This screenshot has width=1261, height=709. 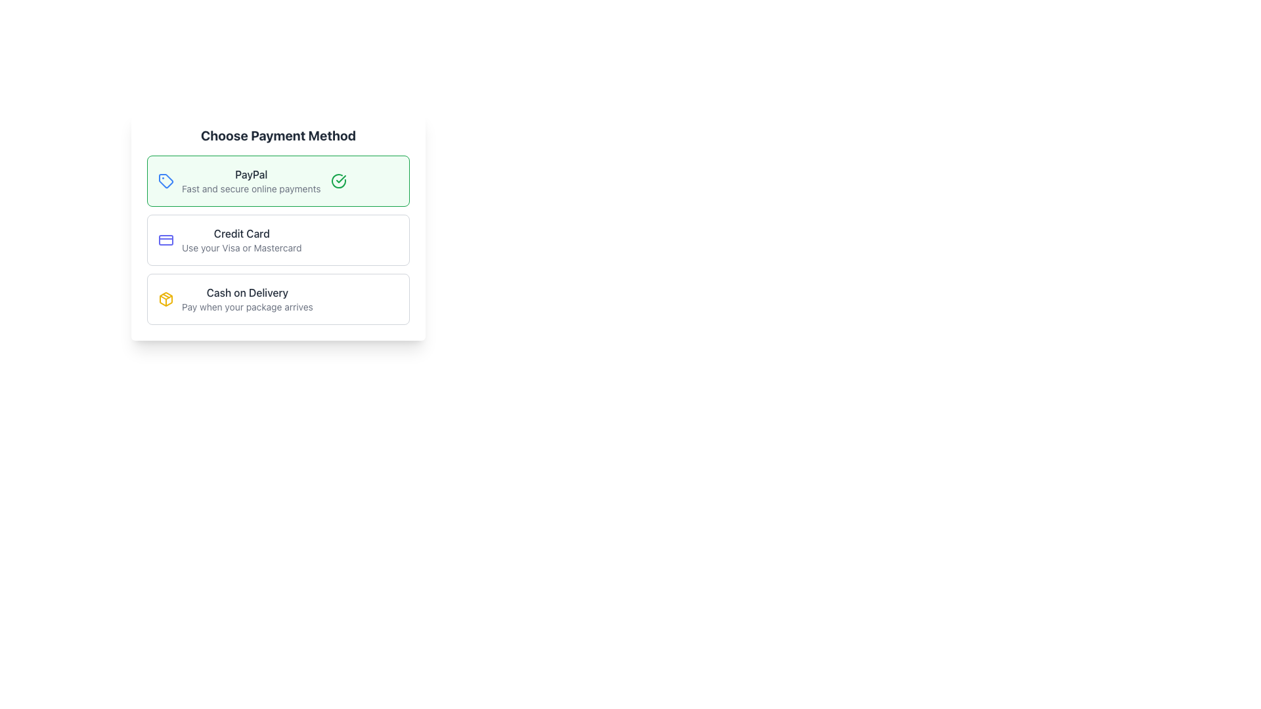 What do you see at coordinates (235, 299) in the screenshot?
I see `the 'Cash on Delivery' selectable option with a yellow package-shaped icon` at bounding box center [235, 299].